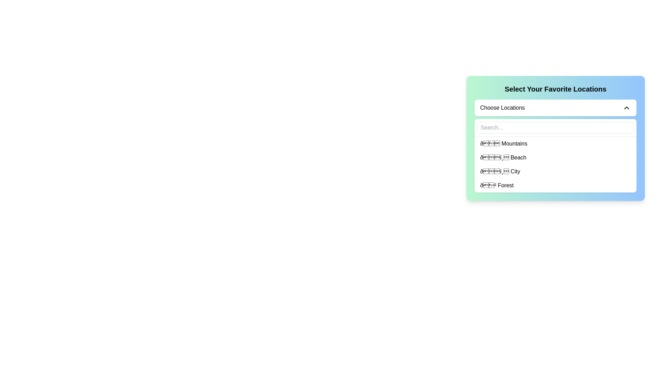  What do you see at coordinates (555, 143) in the screenshot?
I see `the first selectable item in the dropdown menu` at bounding box center [555, 143].